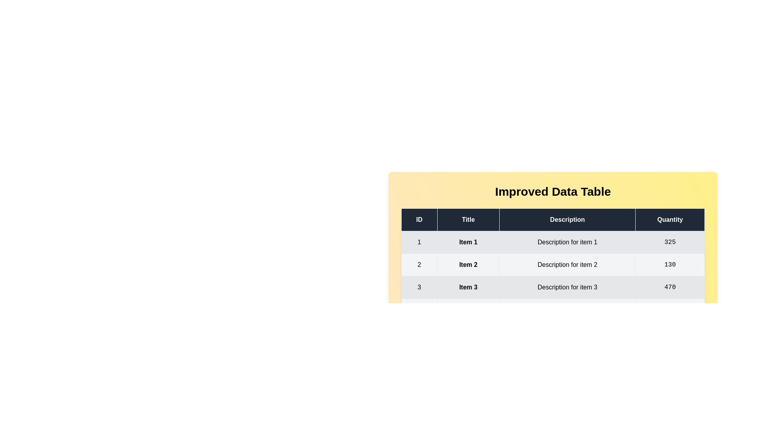  I want to click on the header of the column ID to sort the table by that column, so click(419, 219).